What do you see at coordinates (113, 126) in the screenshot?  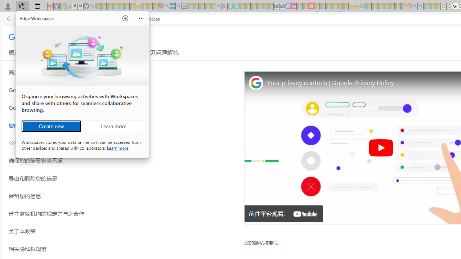 I see `'Learn more about Workspaces'` at bounding box center [113, 126].